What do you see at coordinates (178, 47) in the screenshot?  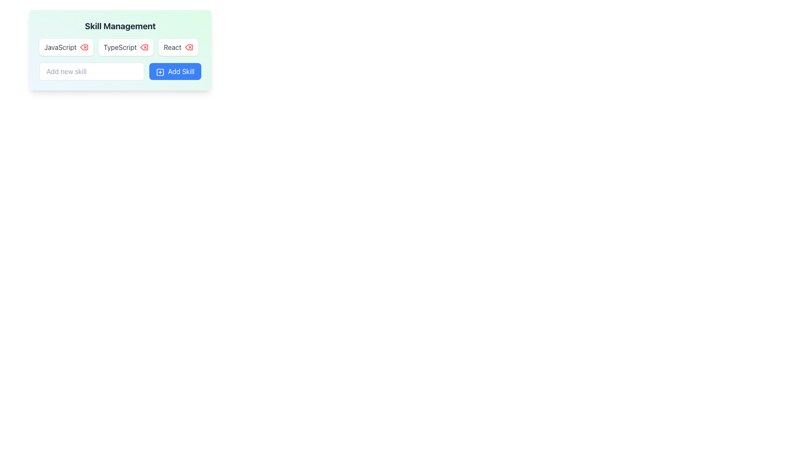 I see `the red cross icon within the 'React' tag` at bounding box center [178, 47].